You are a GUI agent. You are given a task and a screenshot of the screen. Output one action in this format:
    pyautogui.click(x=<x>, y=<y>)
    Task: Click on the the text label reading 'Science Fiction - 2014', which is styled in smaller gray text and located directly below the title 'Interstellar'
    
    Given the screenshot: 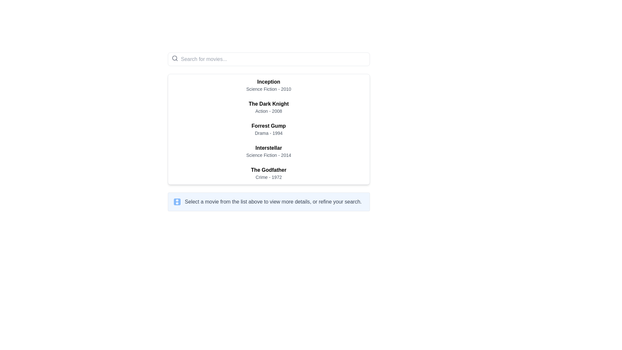 What is the action you would take?
    pyautogui.click(x=269, y=155)
    